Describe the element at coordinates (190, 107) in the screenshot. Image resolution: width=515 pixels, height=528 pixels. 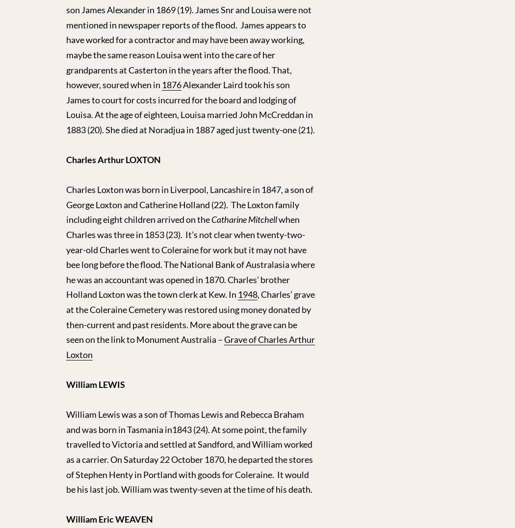
I see `'Alexander Laird took his son James to court for costs incurred for the board and lodging of Louisa. At the age of eighteen, Louisa married John McCreddan in 1883 (20). She died at Noradjua in 1887 aged just twenty-one (21).'` at that location.